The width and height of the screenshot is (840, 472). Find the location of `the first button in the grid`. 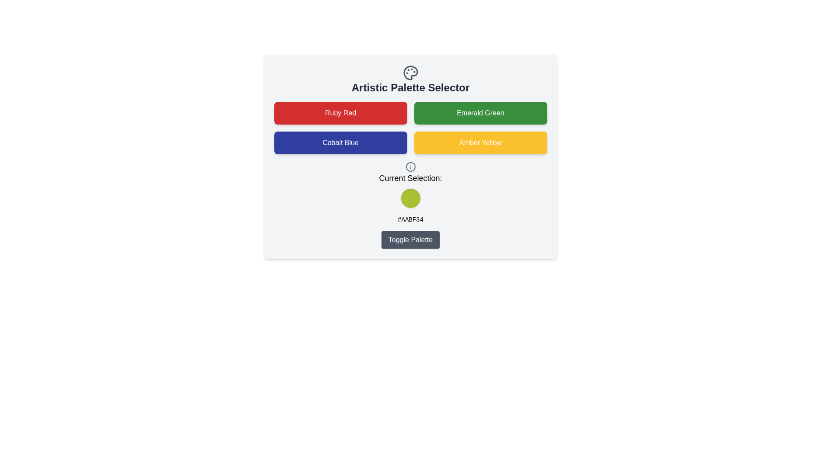

the first button in the grid is located at coordinates (340, 112).